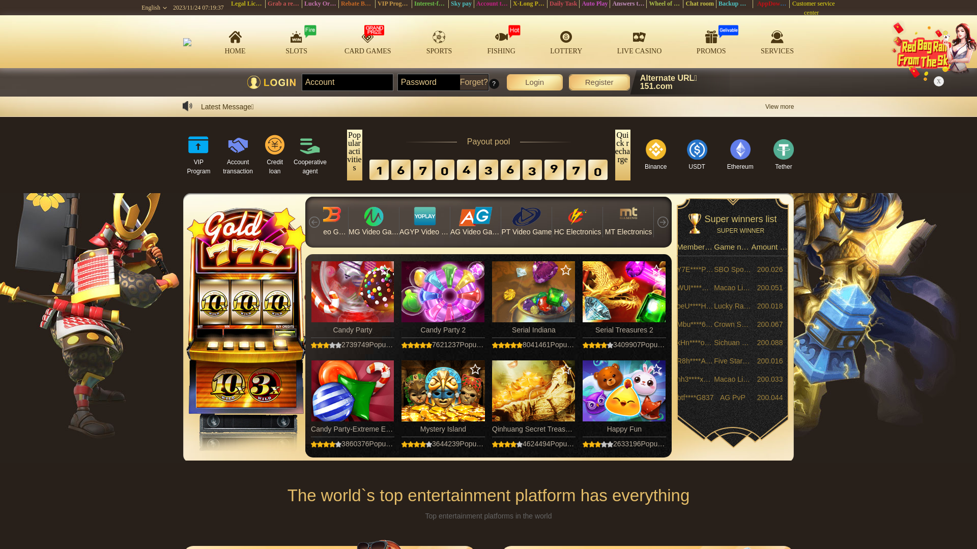  Describe the element at coordinates (775, 4) in the screenshot. I see `'AppDownload'` at that location.